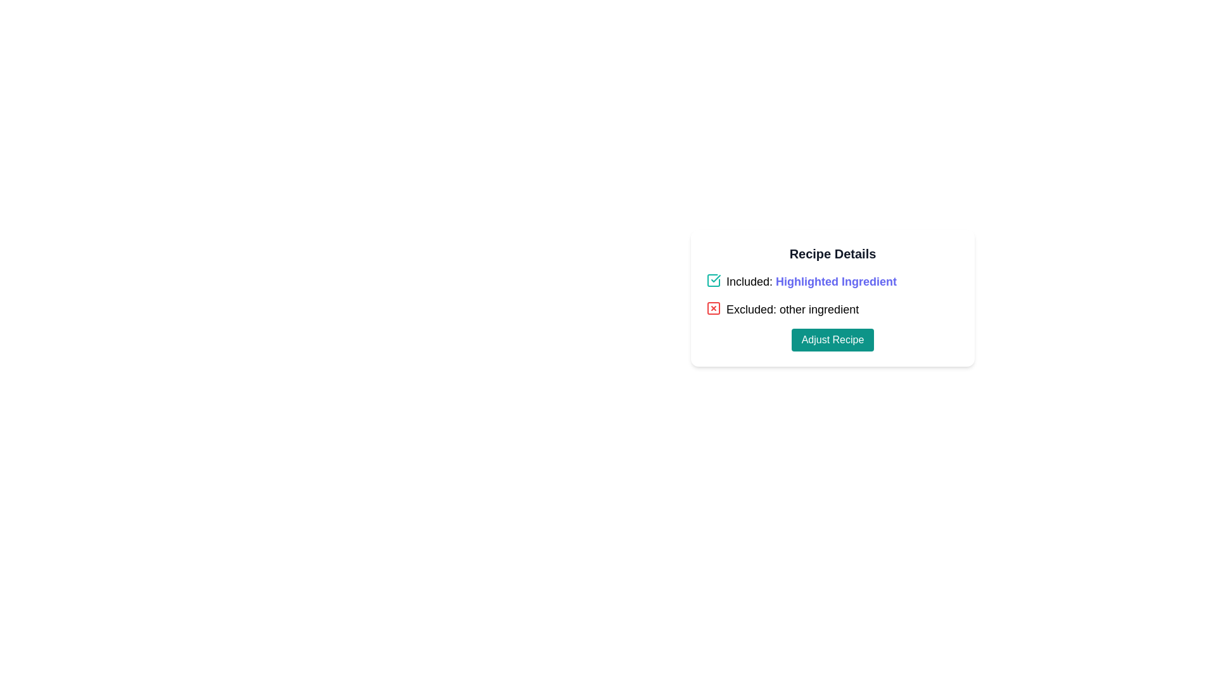 Image resolution: width=1216 pixels, height=684 pixels. Describe the element at coordinates (716, 277) in the screenshot. I see `the graphical checkmark icon, which is a bold, teal-colored stroke within a square checkbox representation, located to the left of the 'Included: Highlighted Ingredient' text label in the 'Recipe Details' section` at that location.